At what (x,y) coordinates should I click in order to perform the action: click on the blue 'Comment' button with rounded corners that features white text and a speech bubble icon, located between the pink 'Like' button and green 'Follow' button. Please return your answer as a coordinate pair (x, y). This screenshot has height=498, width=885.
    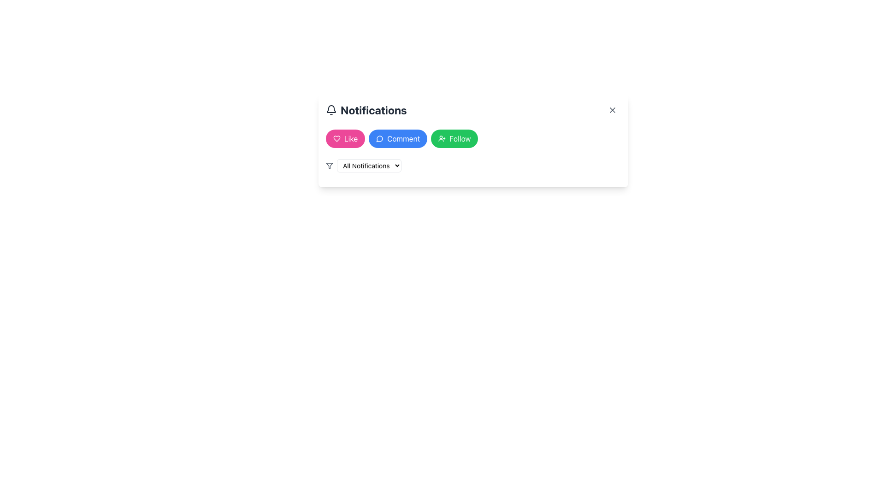
    Looking at the image, I should click on (398, 138).